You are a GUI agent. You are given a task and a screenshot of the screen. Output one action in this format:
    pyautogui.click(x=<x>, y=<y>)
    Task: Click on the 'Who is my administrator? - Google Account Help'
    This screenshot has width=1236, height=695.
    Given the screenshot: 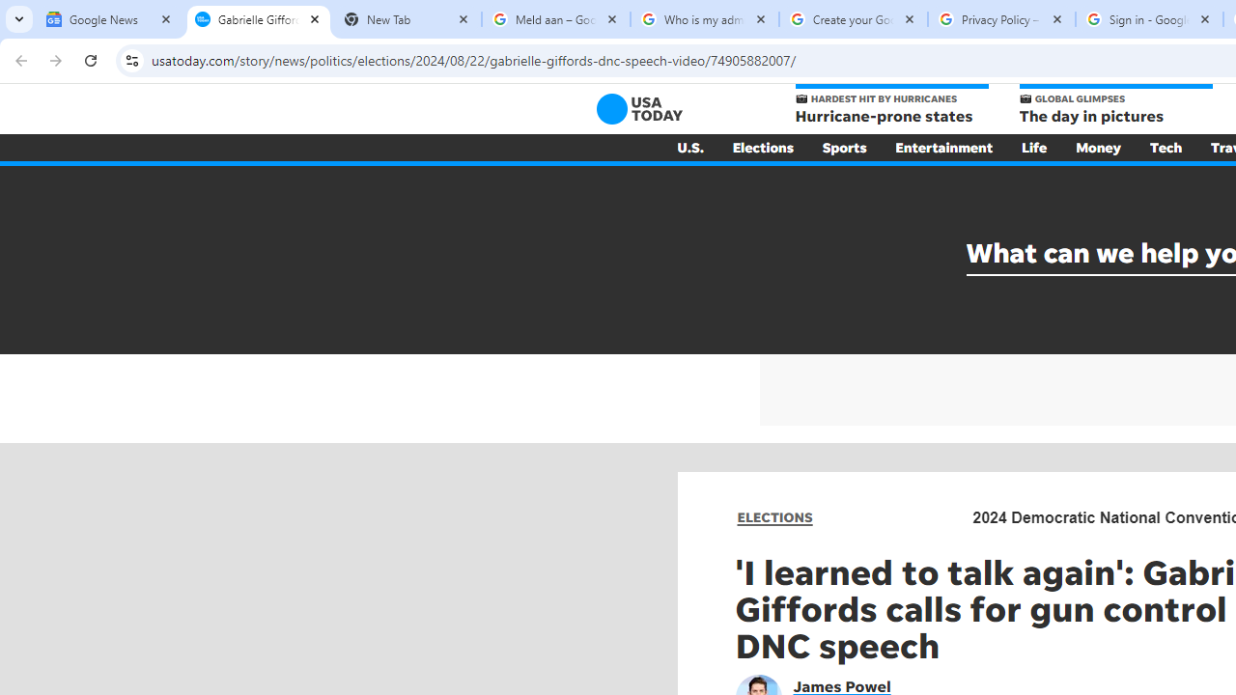 What is the action you would take?
    pyautogui.click(x=704, y=19)
    